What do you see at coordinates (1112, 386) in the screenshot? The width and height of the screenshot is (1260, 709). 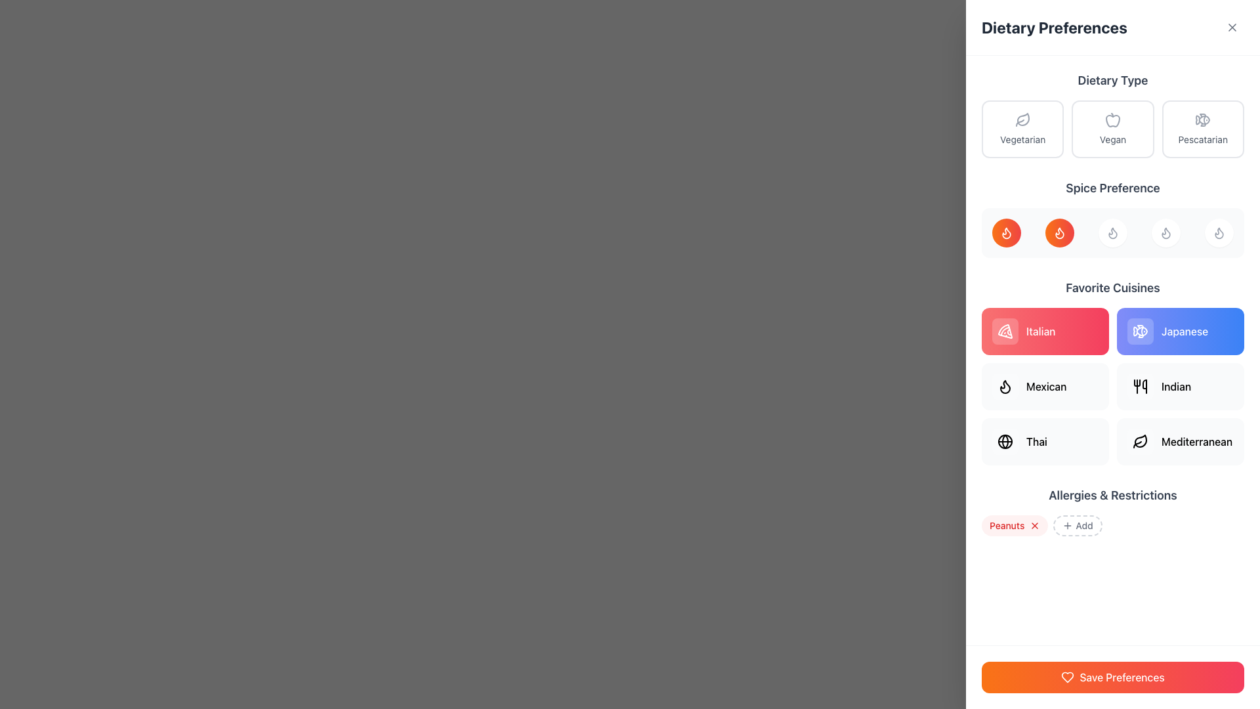 I see `the selectable button options in the 'Favorite Cuisines' grid layout` at bounding box center [1112, 386].